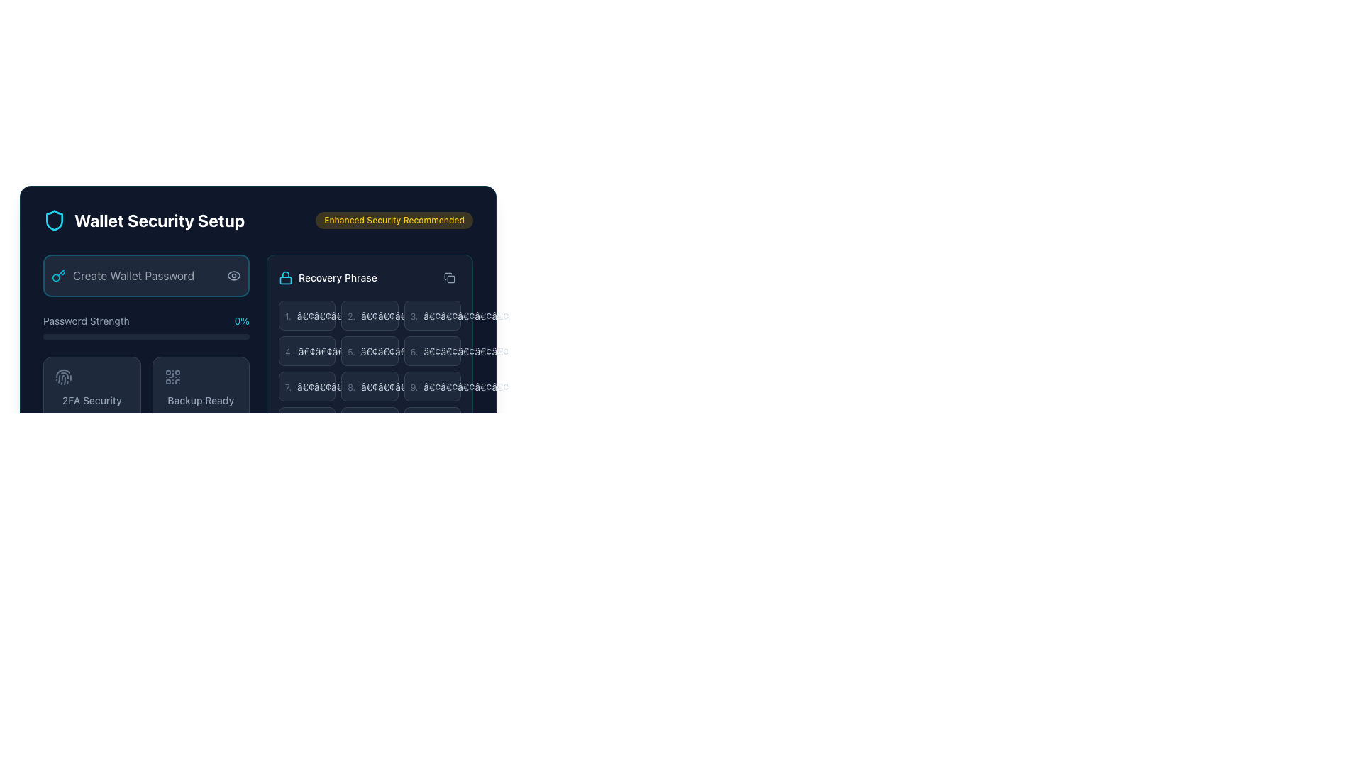  I want to click on the 11th button, so click(370, 421).